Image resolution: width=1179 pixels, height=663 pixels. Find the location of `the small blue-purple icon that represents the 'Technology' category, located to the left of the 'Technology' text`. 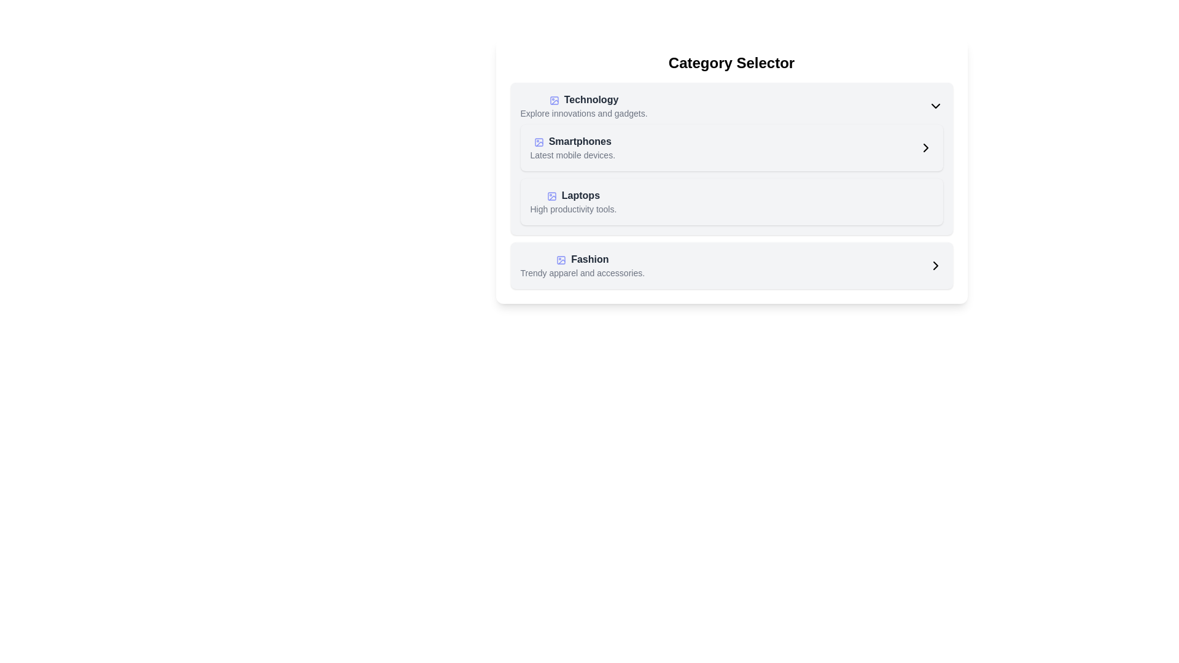

the small blue-purple icon that represents the 'Technology' category, located to the left of the 'Technology' text is located at coordinates (553, 99).